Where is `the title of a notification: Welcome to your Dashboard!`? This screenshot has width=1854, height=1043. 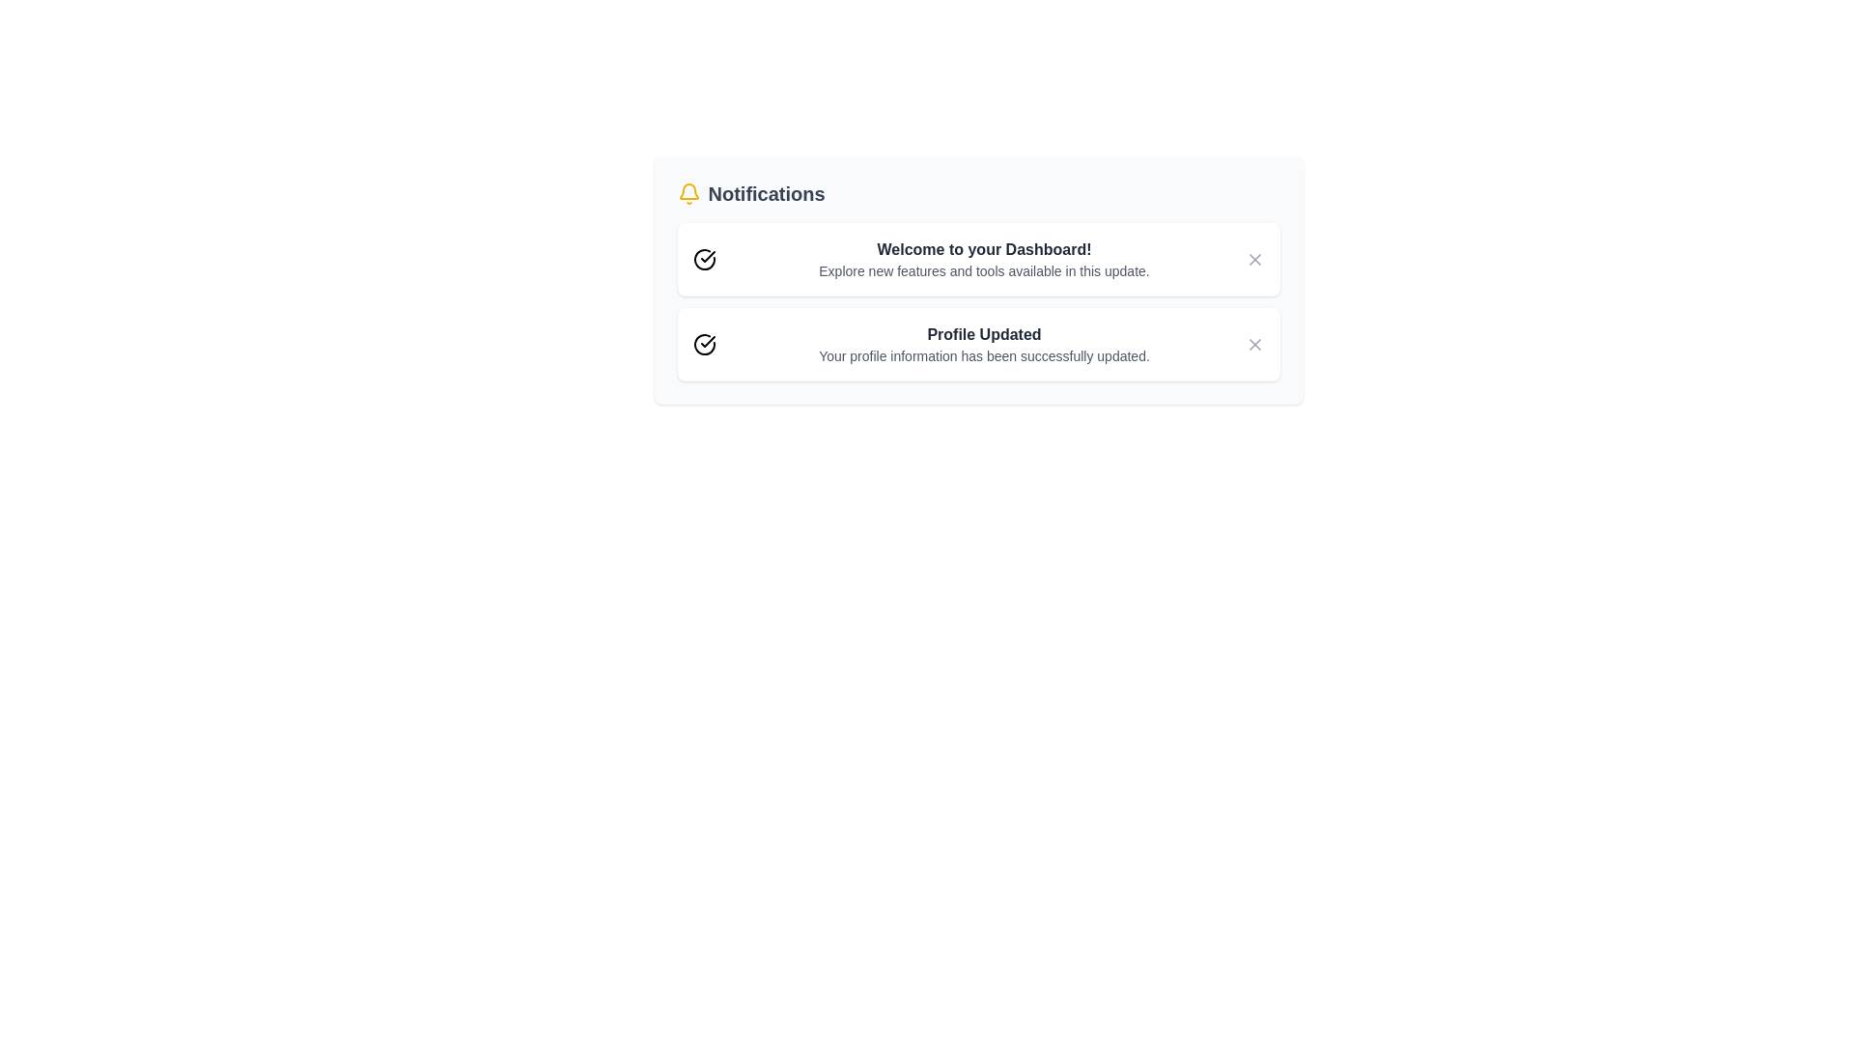
the title of a notification: Welcome to your Dashboard! is located at coordinates (984, 248).